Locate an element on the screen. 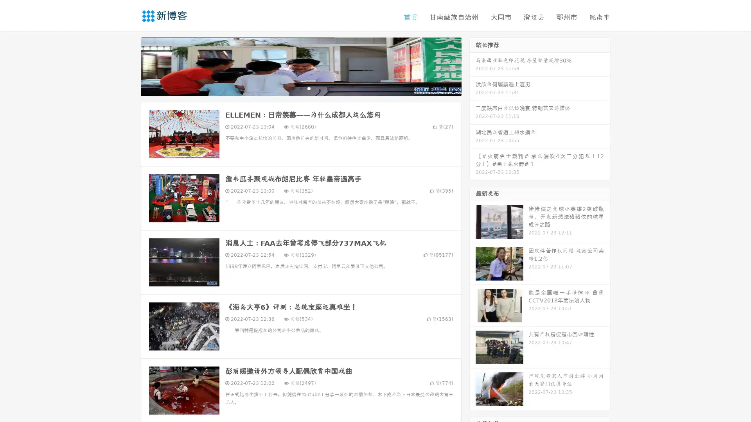  Previous slide is located at coordinates (129, 66).